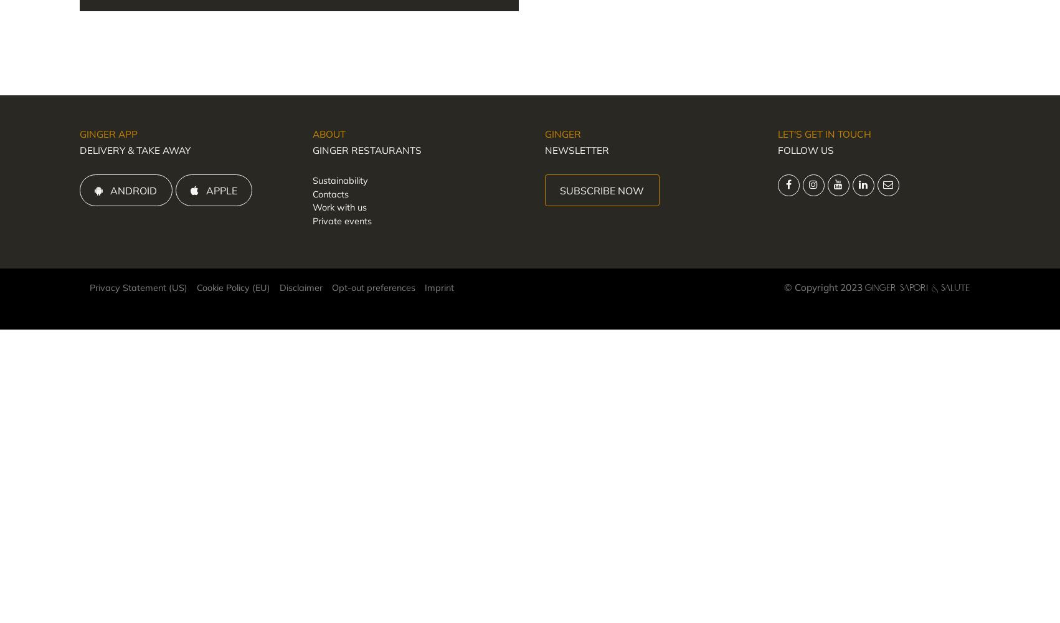 The height and width of the screenshot is (623, 1060). What do you see at coordinates (138, 287) in the screenshot?
I see `'Privacy Statement (US)'` at bounding box center [138, 287].